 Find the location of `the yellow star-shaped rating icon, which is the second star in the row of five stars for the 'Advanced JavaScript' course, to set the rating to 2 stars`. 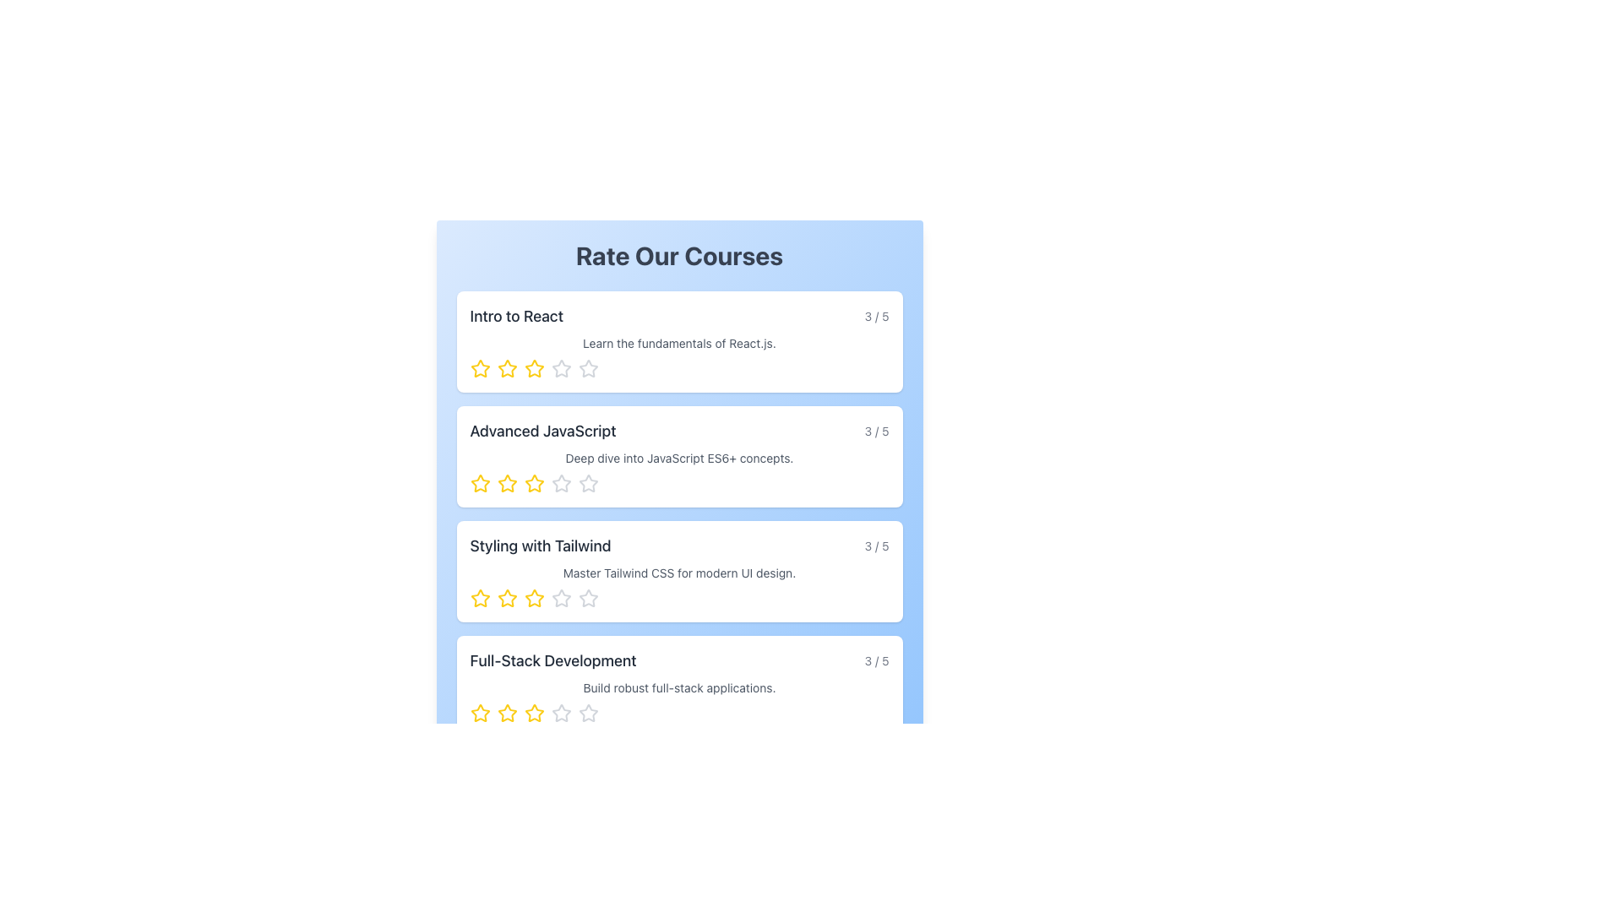

the yellow star-shaped rating icon, which is the second star in the row of five stars for the 'Advanced JavaScript' course, to set the rating to 2 stars is located at coordinates (506, 483).